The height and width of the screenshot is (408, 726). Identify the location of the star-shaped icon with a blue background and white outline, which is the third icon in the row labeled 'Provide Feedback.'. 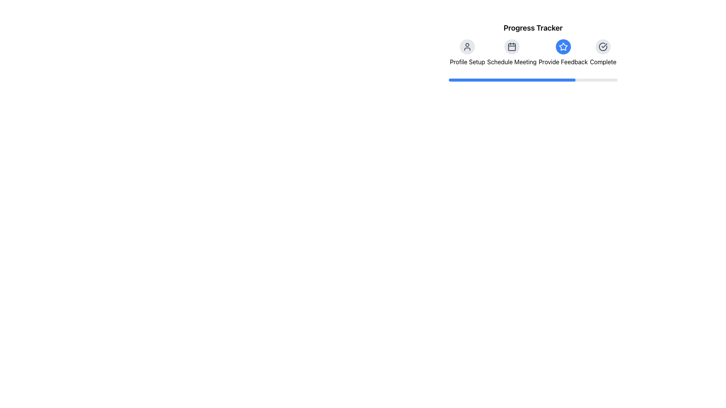
(563, 46).